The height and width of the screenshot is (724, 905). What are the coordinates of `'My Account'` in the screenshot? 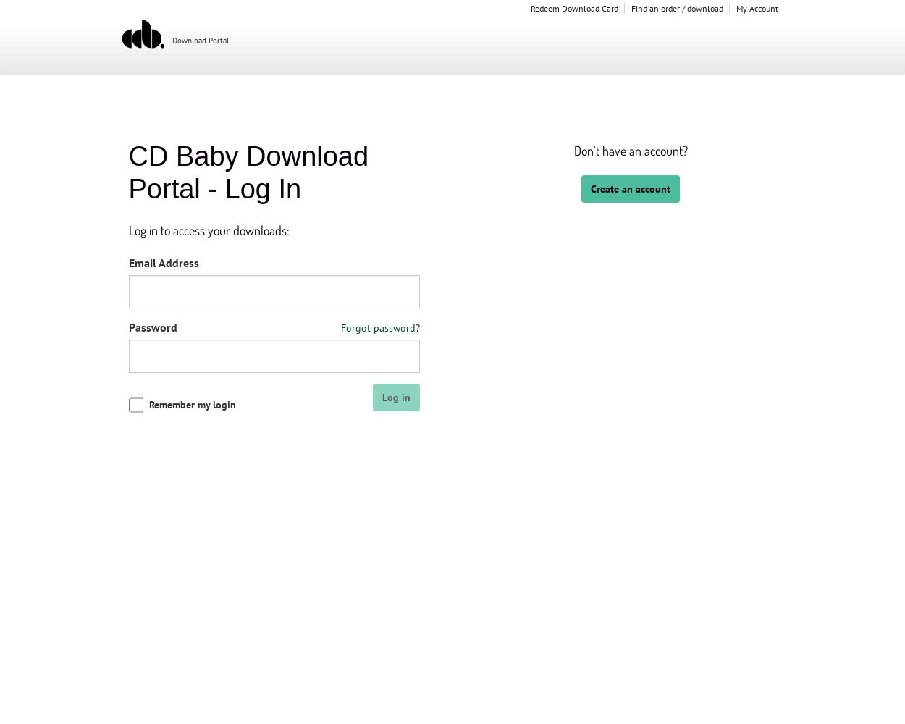 It's located at (757, 8).